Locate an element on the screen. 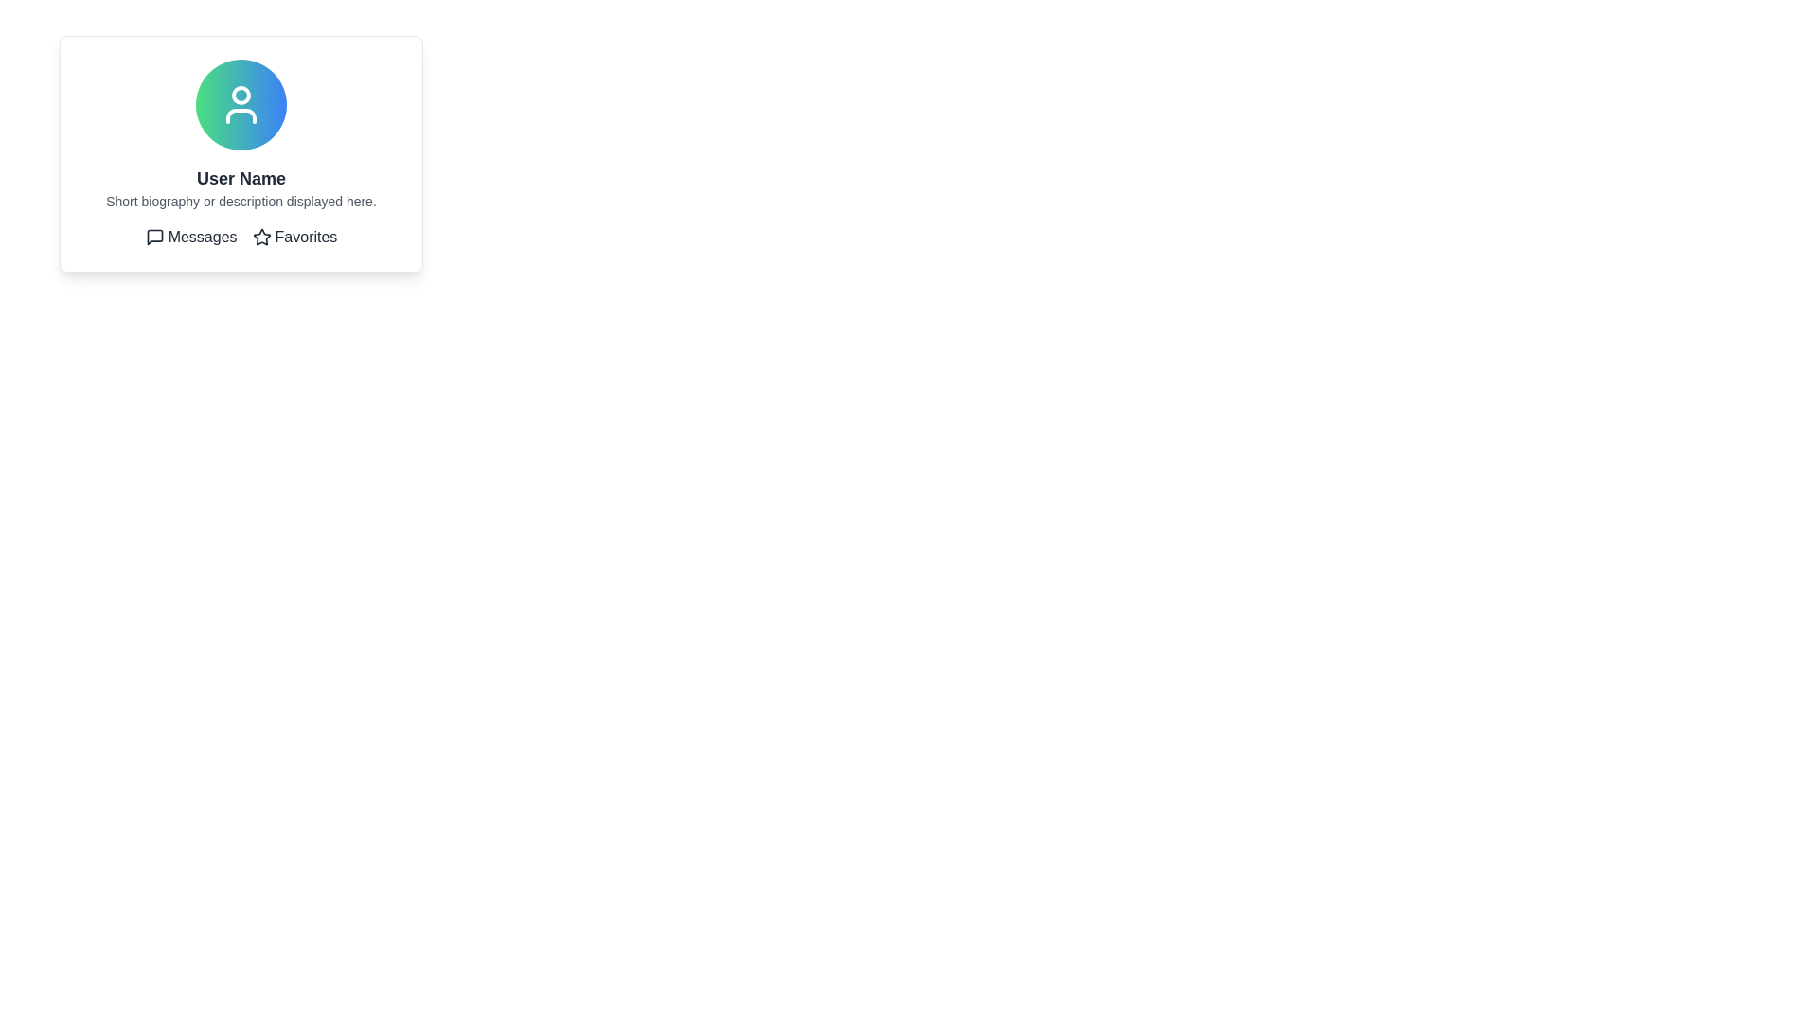 This screenshot has width=1818, height=1022. the circular icon with a gradient background and user profile representation located at the top center of the card layout, above the text 'User Name' is located at coordinates (240, 105).